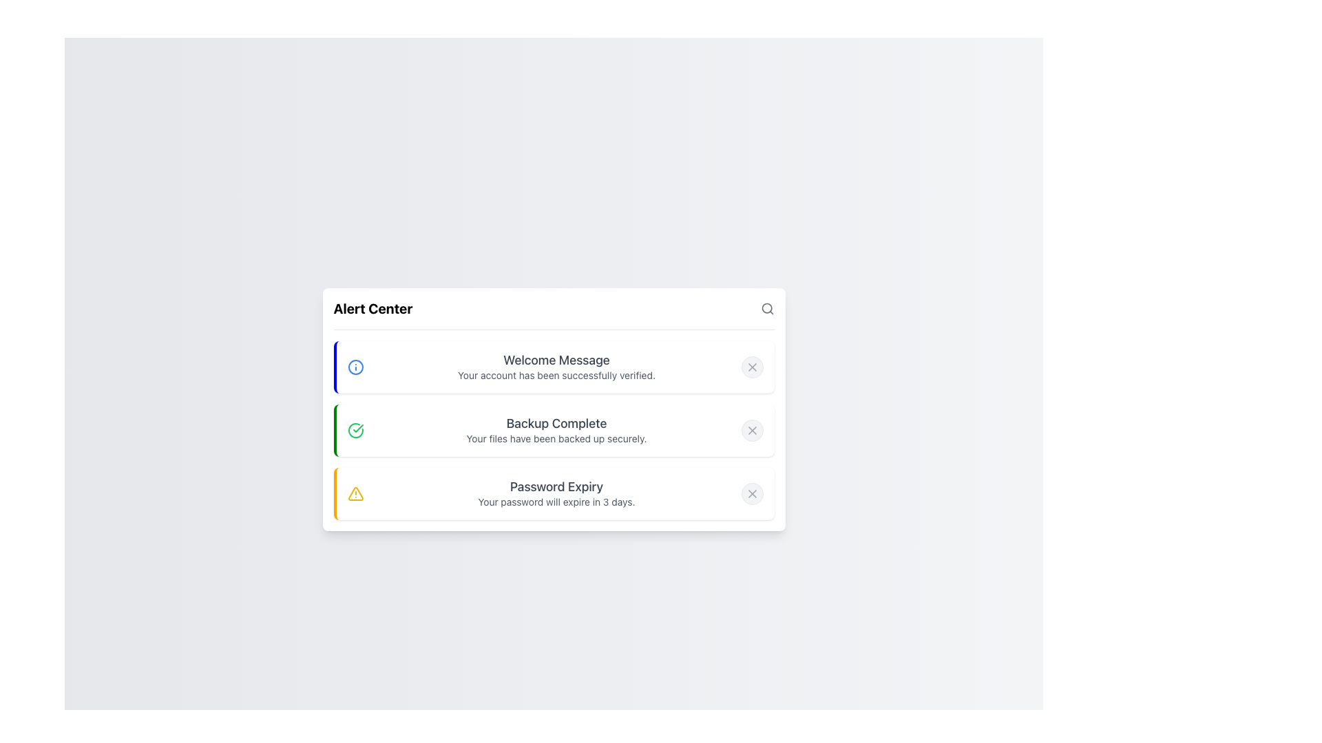 The width and height of the screenshot is (1322, 743). Describe the element at coordinates (556, 375) in the screenshot. I see `static text displaying 'Your account has been successfully verified.' located under the 'Welcome Message' heading in the middle section of the UI` at that location.